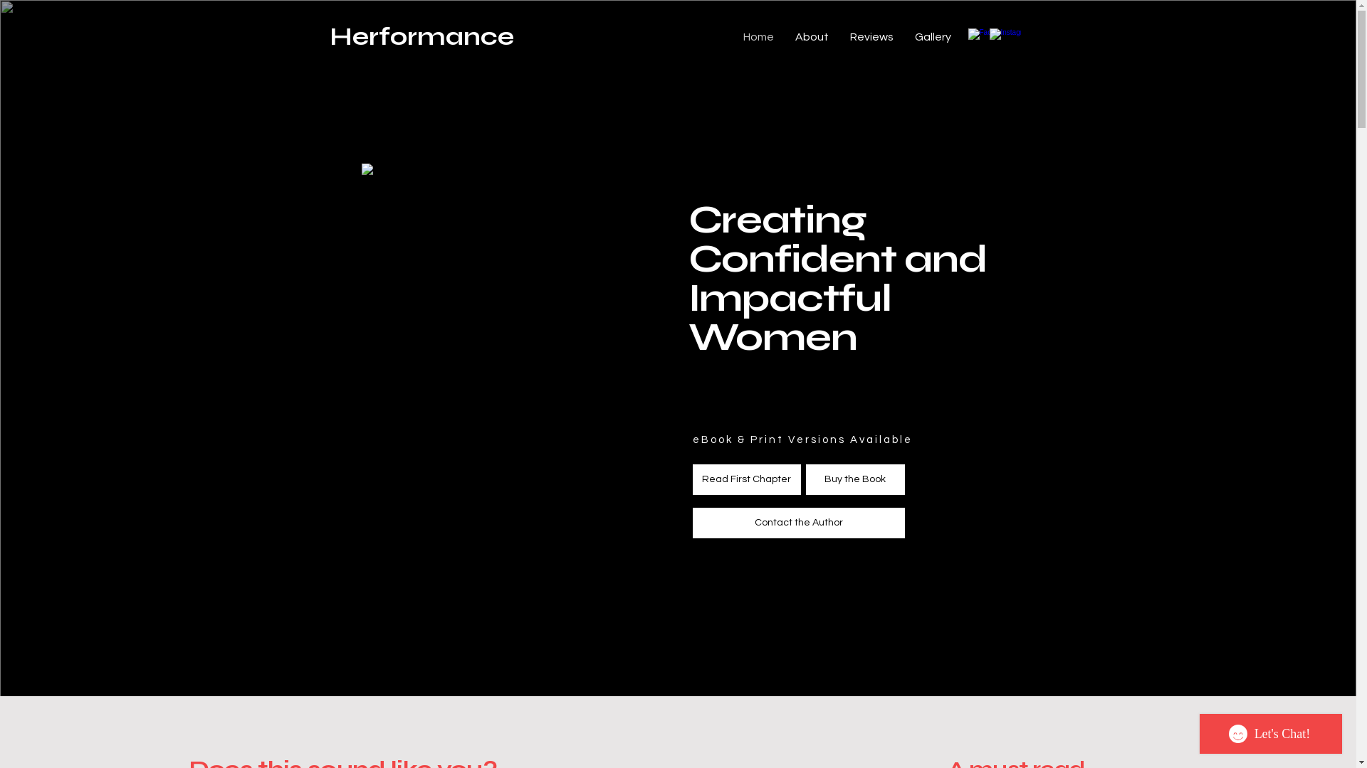 The image size is (1367, 768). Describe the element at coordinates (784, 36) in the screenshot. I see `'About'` at that location.